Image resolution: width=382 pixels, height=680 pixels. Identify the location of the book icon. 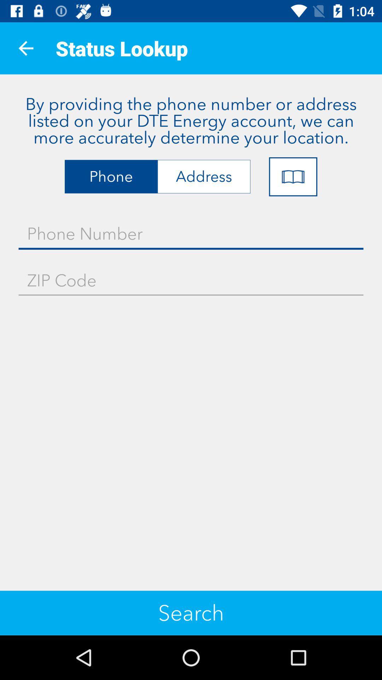
(293, 177).